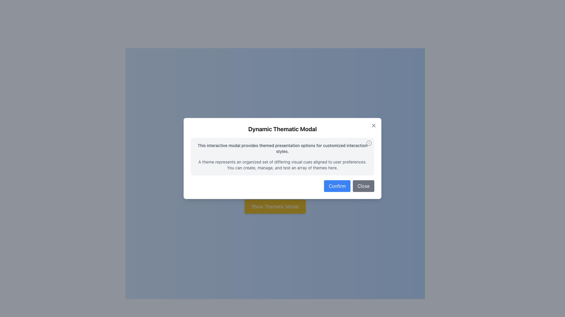 The width and height of the screenshot is (565, 317). Describe the element at coordinates (373, 125) in the screenshot. I see `the close button located in the top-right corner of the modal window` at that location.